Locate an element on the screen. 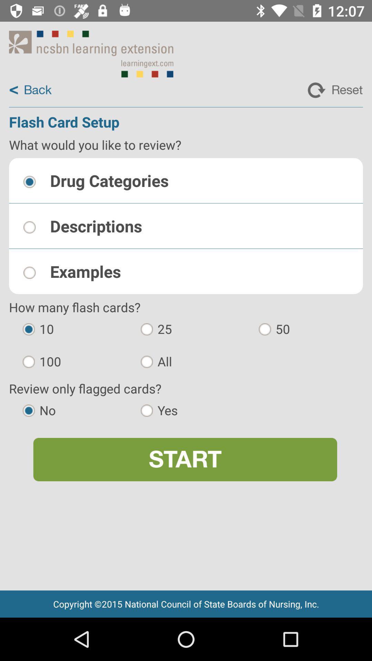  start option is located at coordinates (185, 459).